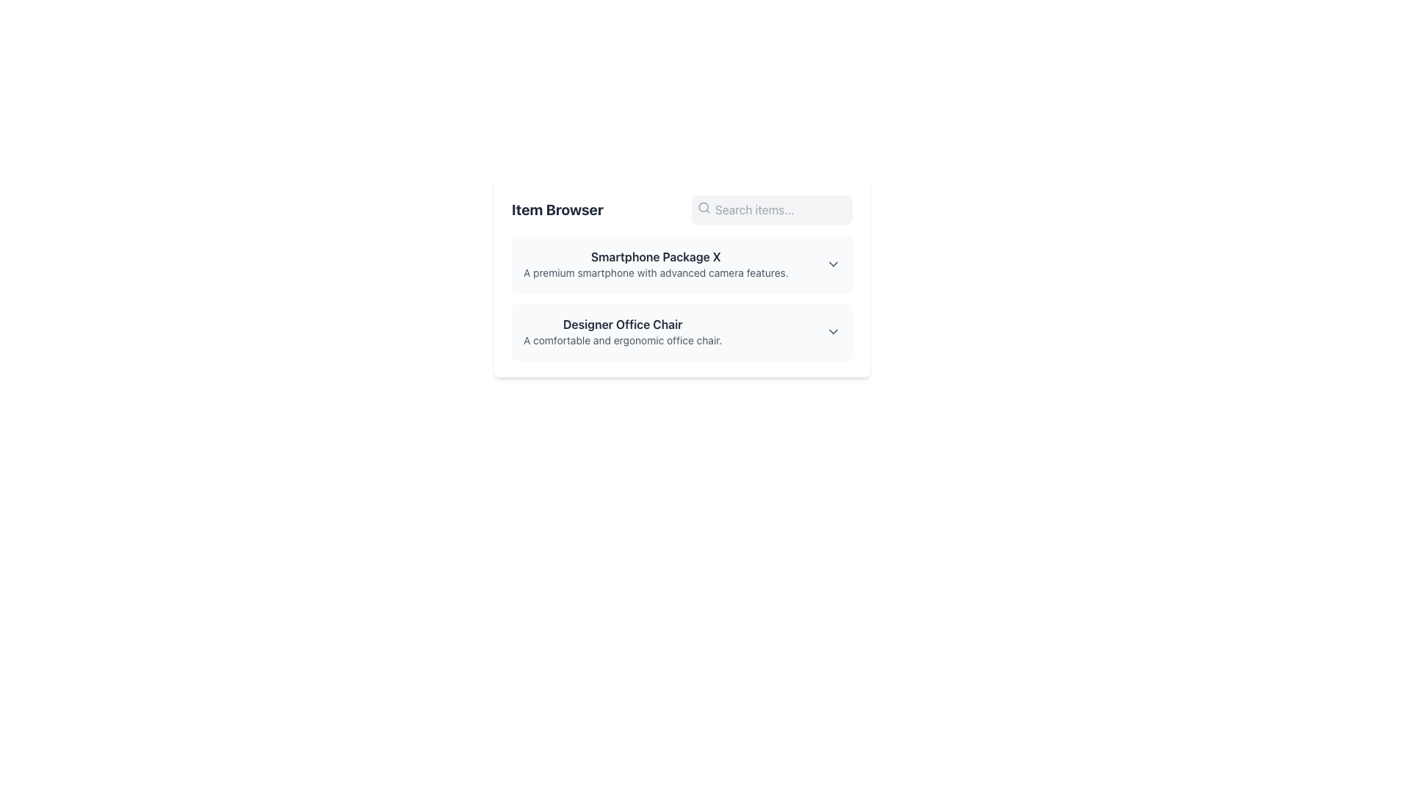  I want to click on the Text block containing the bold header 'Designer Office Chair' and the description 'A comfortable and ergonomic office chair', which is the second interactive module in the 'Item Browser' interface, so click(681, 331).